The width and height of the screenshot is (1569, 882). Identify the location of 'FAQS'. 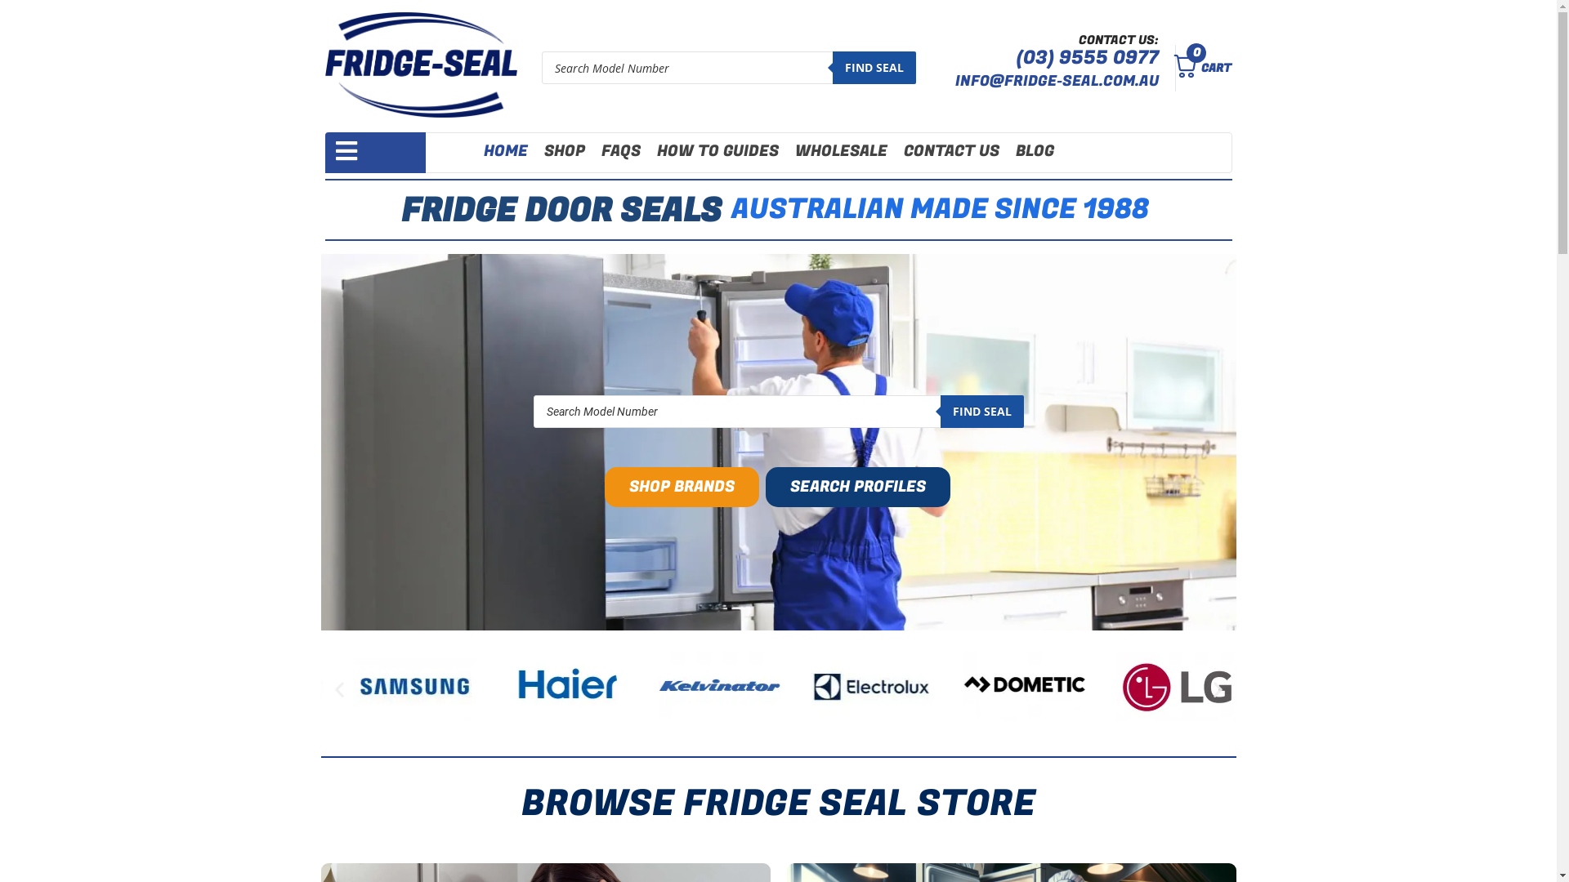
(619, 151).